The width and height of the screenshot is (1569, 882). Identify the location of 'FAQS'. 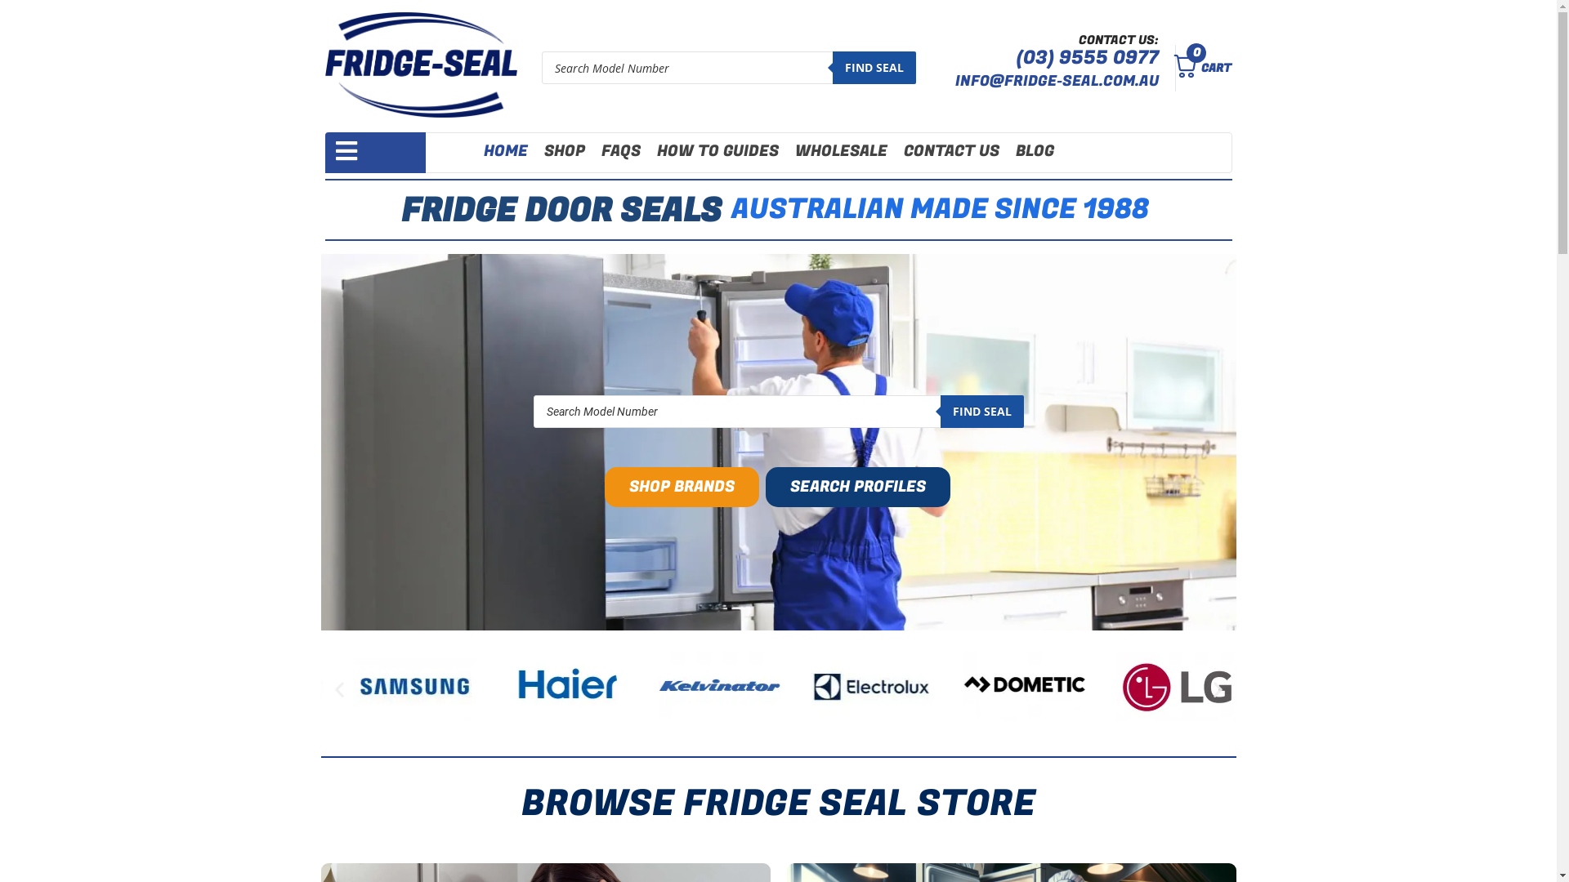
(619, 151).